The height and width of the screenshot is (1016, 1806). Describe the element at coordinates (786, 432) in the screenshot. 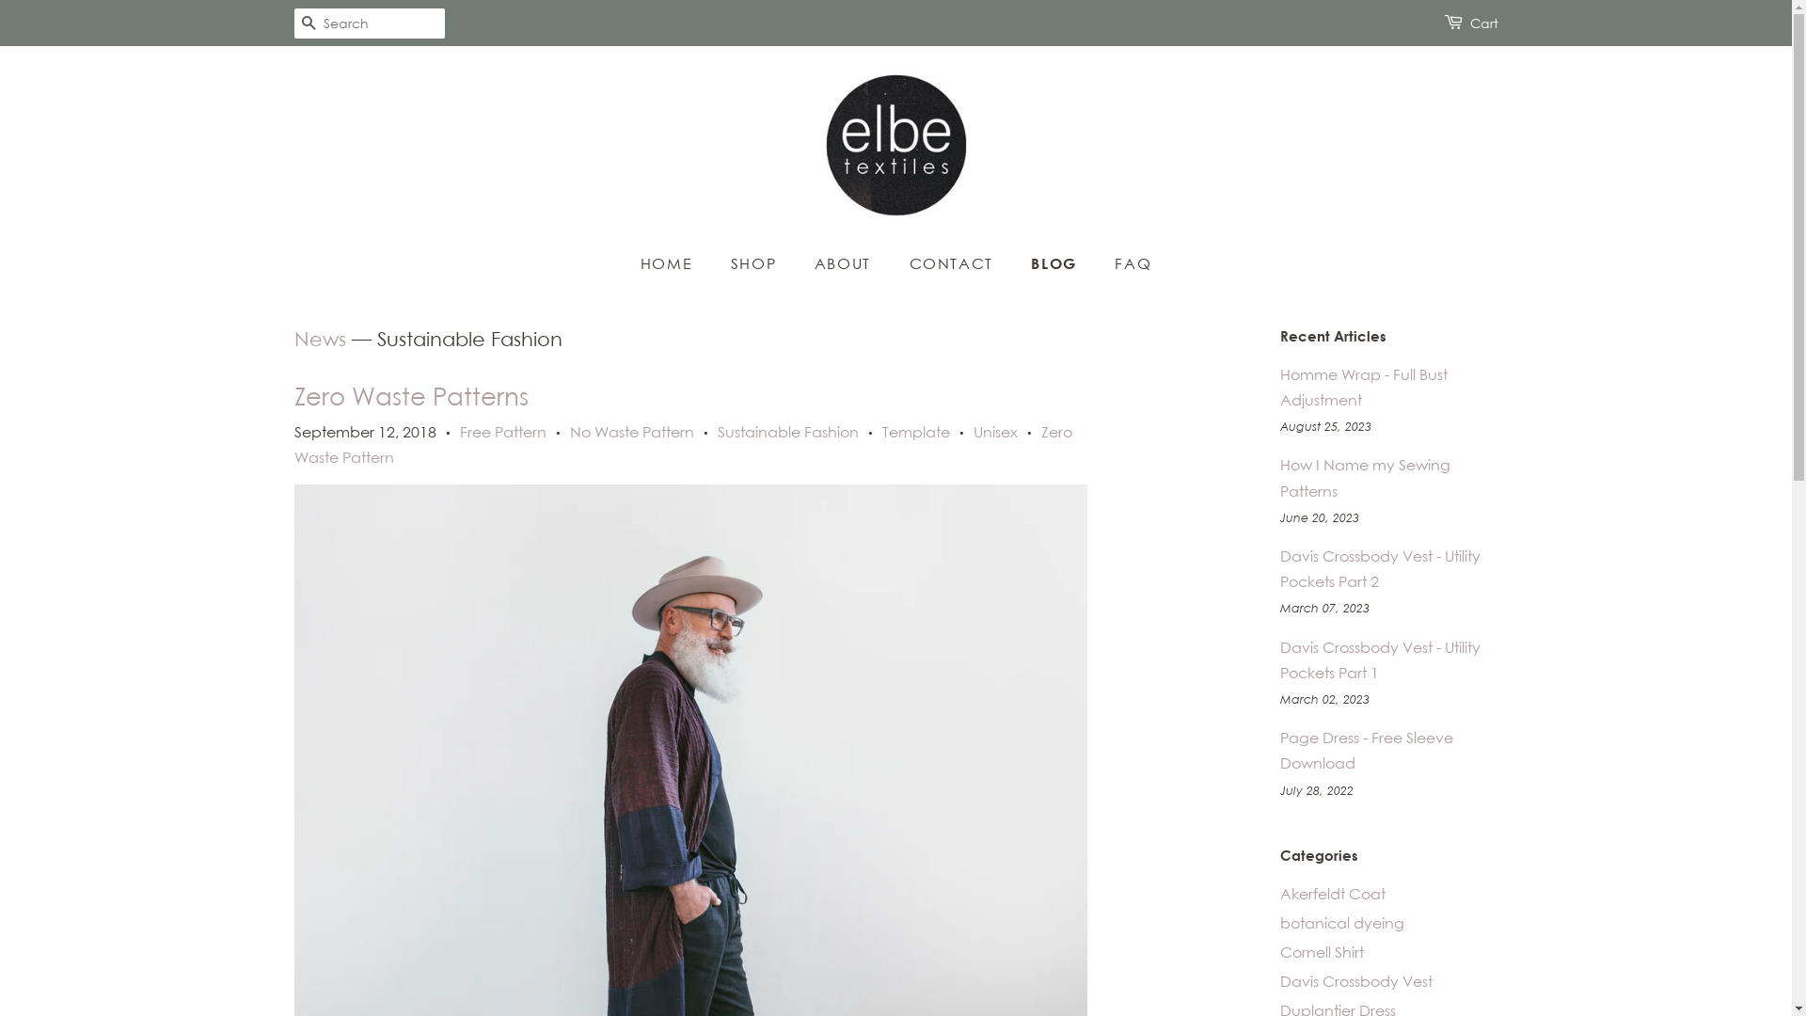

I see `'Sustainable Fashion'` at that location.